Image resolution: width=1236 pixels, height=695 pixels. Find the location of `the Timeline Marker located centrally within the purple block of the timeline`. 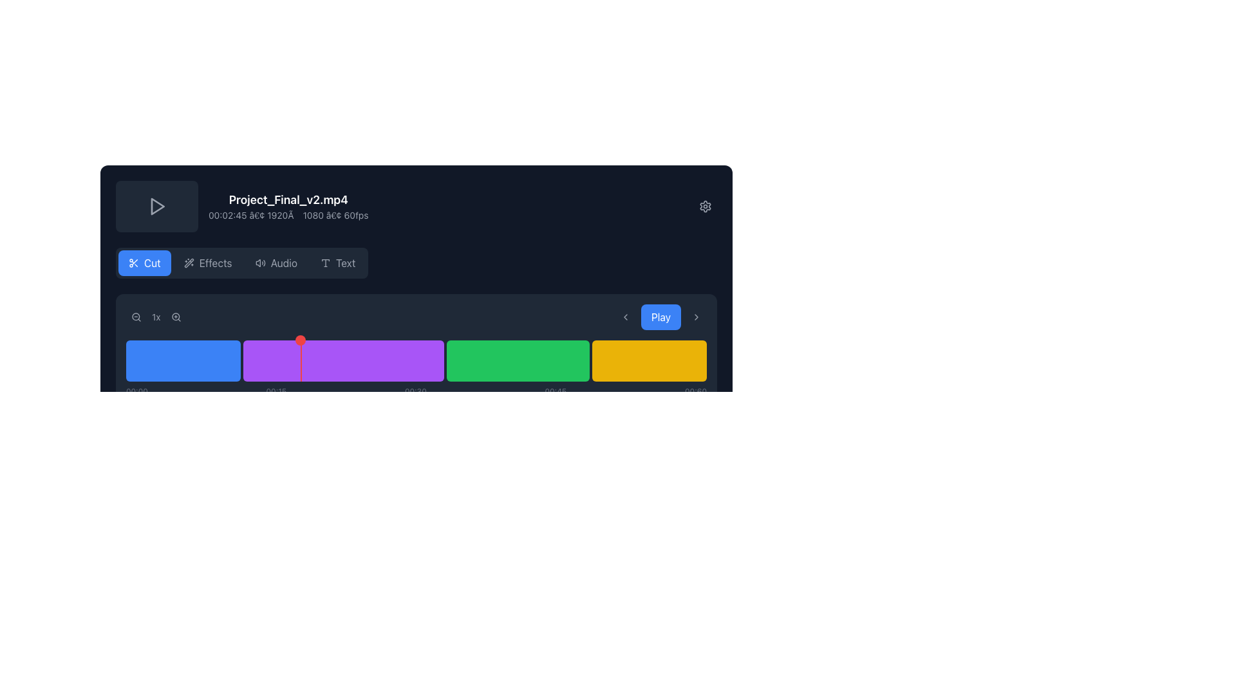

the Timeline Marker located centrally within the purple block of the timeline is located at coordinates (300, 360).